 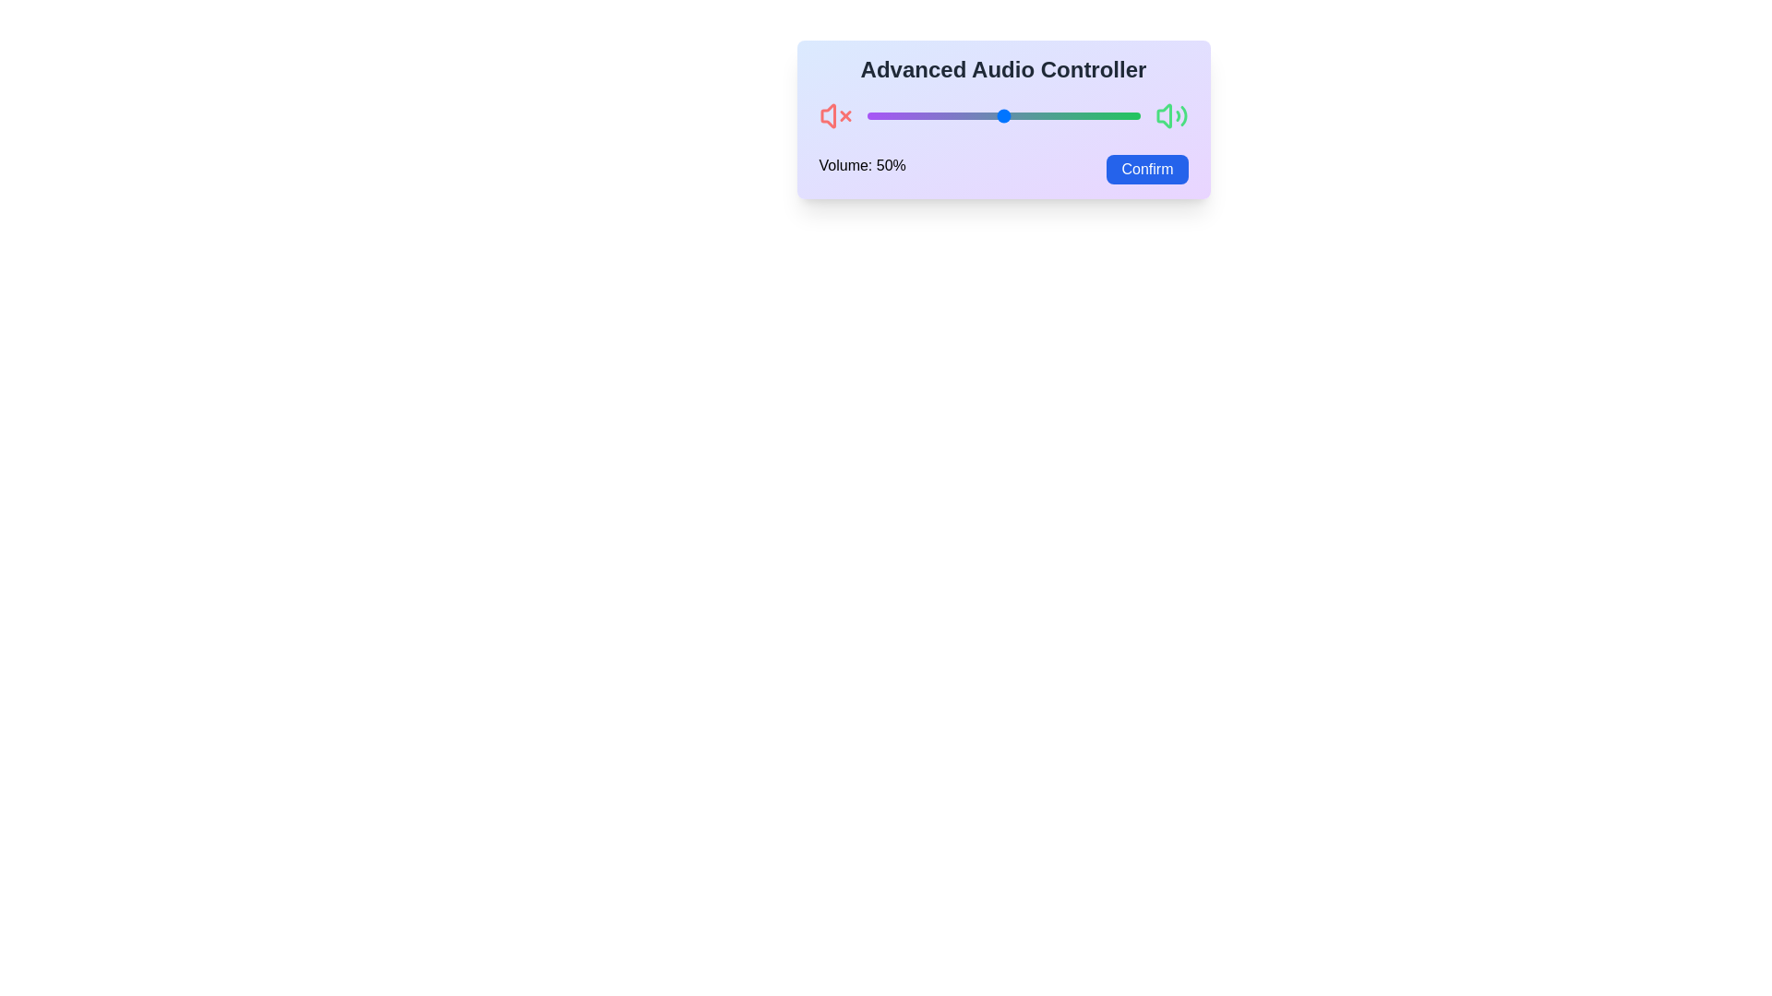 What do you see at coordinates (1102, 116) in the screenshot?
I see `the volume slider to set the volume to 86%` at bounding box center [1102, 116].